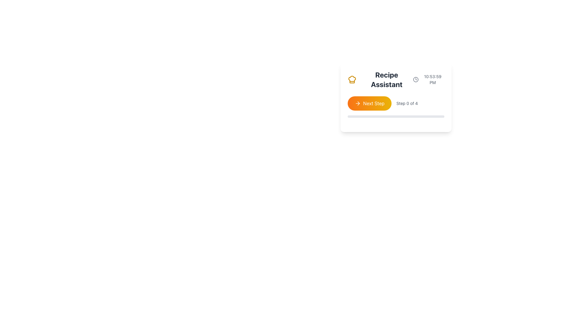 The height and width of the screenshot is (322, 573). What do you see at coordinates (369, 103) in the screenshot?
I see `the 'Next Step' button, which has a gradient background from orange to yellow and features white text with an arrow icon pointing to the right, to activate its hover effects` at bounding box center [369, 103].